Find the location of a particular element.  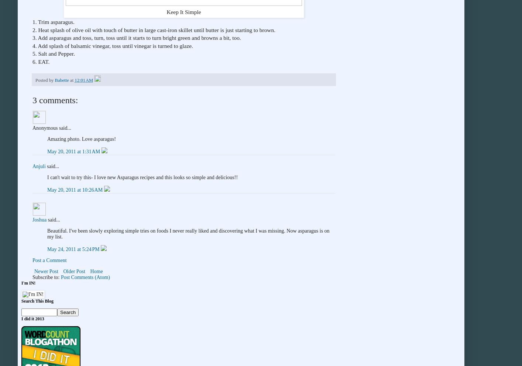

'Keep It Simple' is located at coordinates (166, 11).